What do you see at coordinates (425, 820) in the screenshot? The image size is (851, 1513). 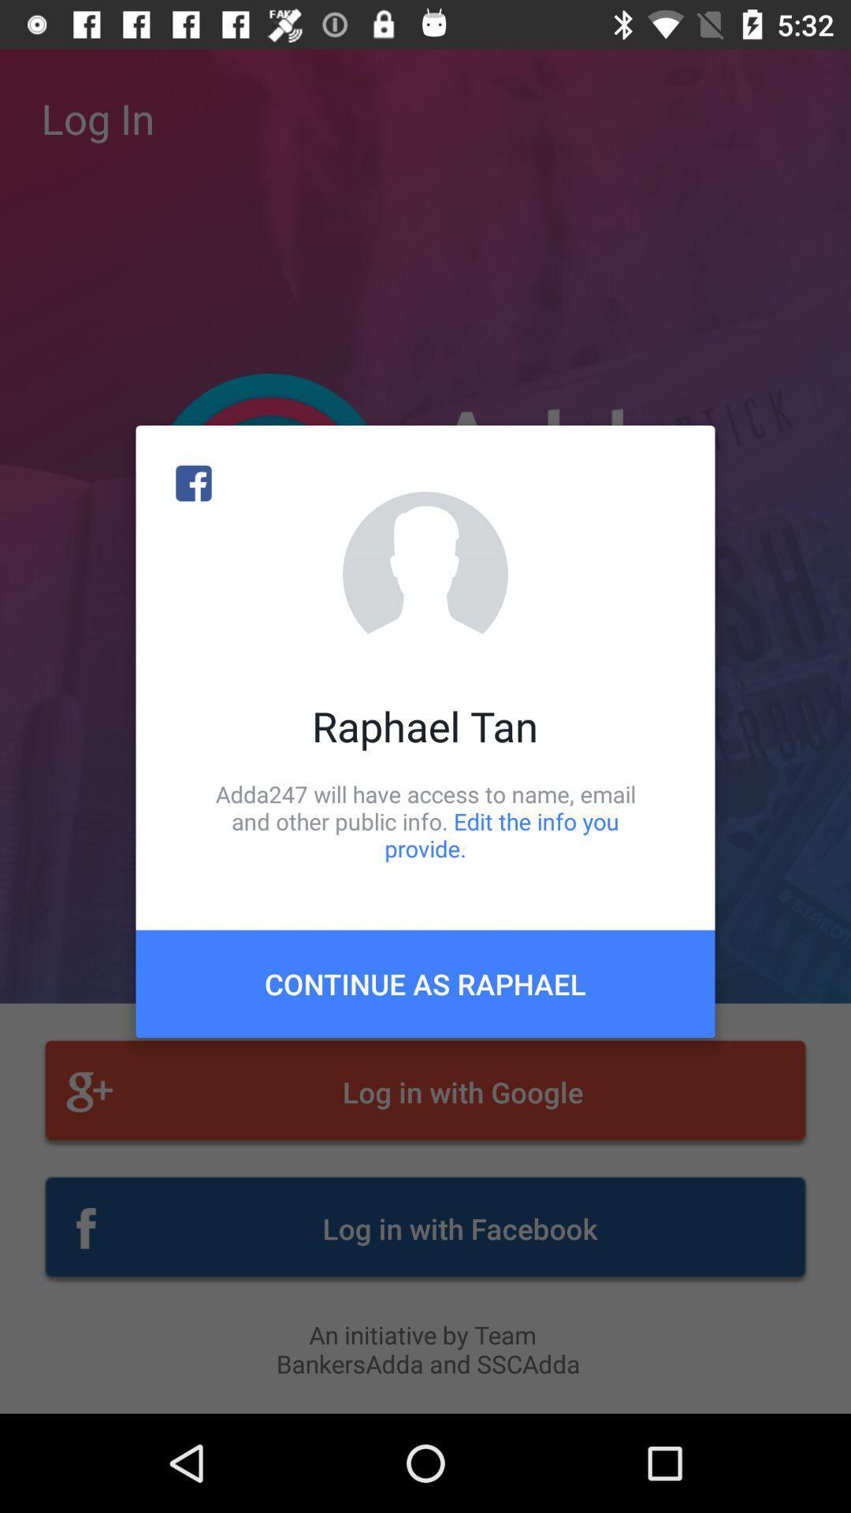 I see `the item above the continue as raphael item` at bounding box center [425, 820].